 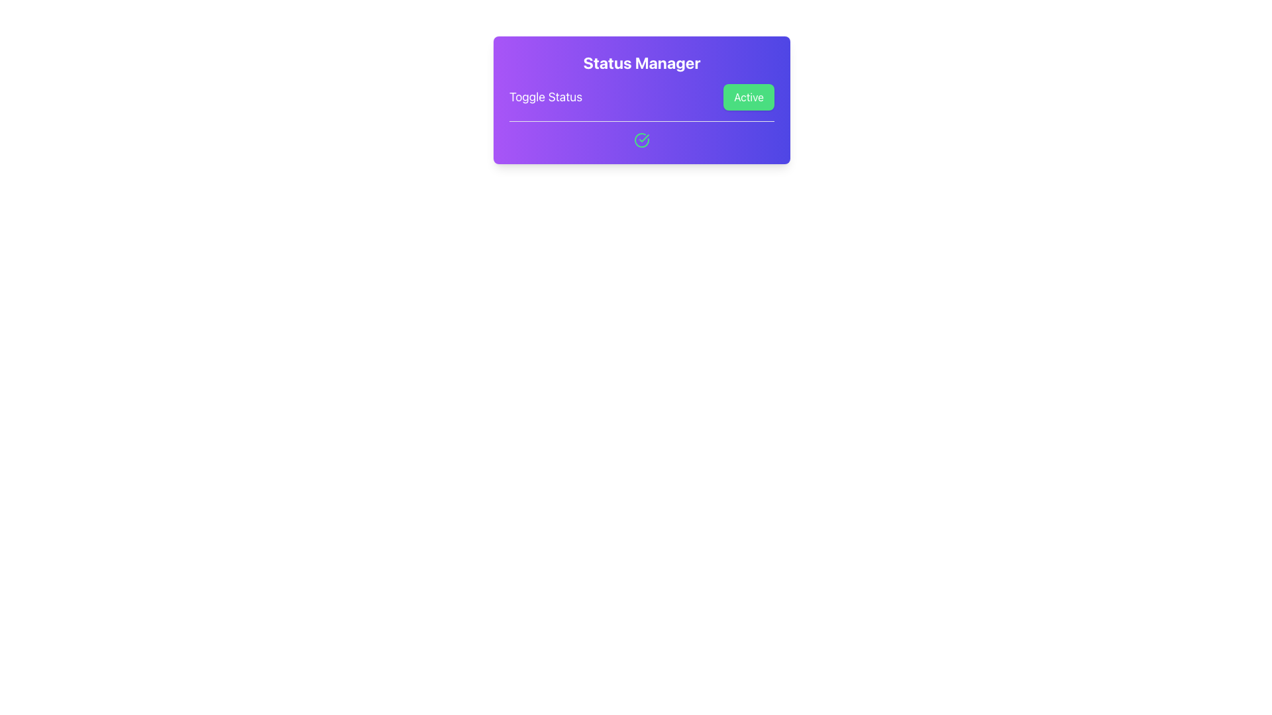 What do you see at coordinates (642, 140) in the screenshot?
I see `the Circular icon with a checkmark symbol located at the bottom center of the 'Status Manager' card` at bounding box center [642, 140].